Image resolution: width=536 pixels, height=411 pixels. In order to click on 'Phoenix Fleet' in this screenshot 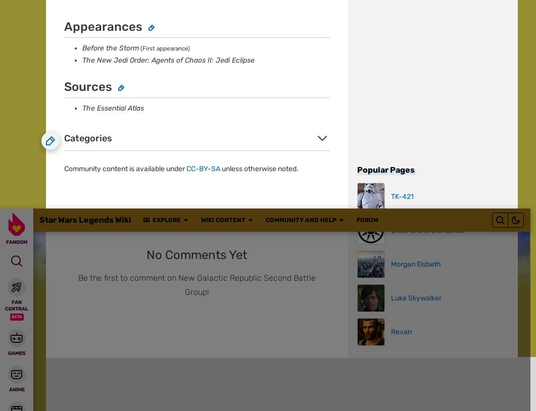, I will do `click(73, 282)`.